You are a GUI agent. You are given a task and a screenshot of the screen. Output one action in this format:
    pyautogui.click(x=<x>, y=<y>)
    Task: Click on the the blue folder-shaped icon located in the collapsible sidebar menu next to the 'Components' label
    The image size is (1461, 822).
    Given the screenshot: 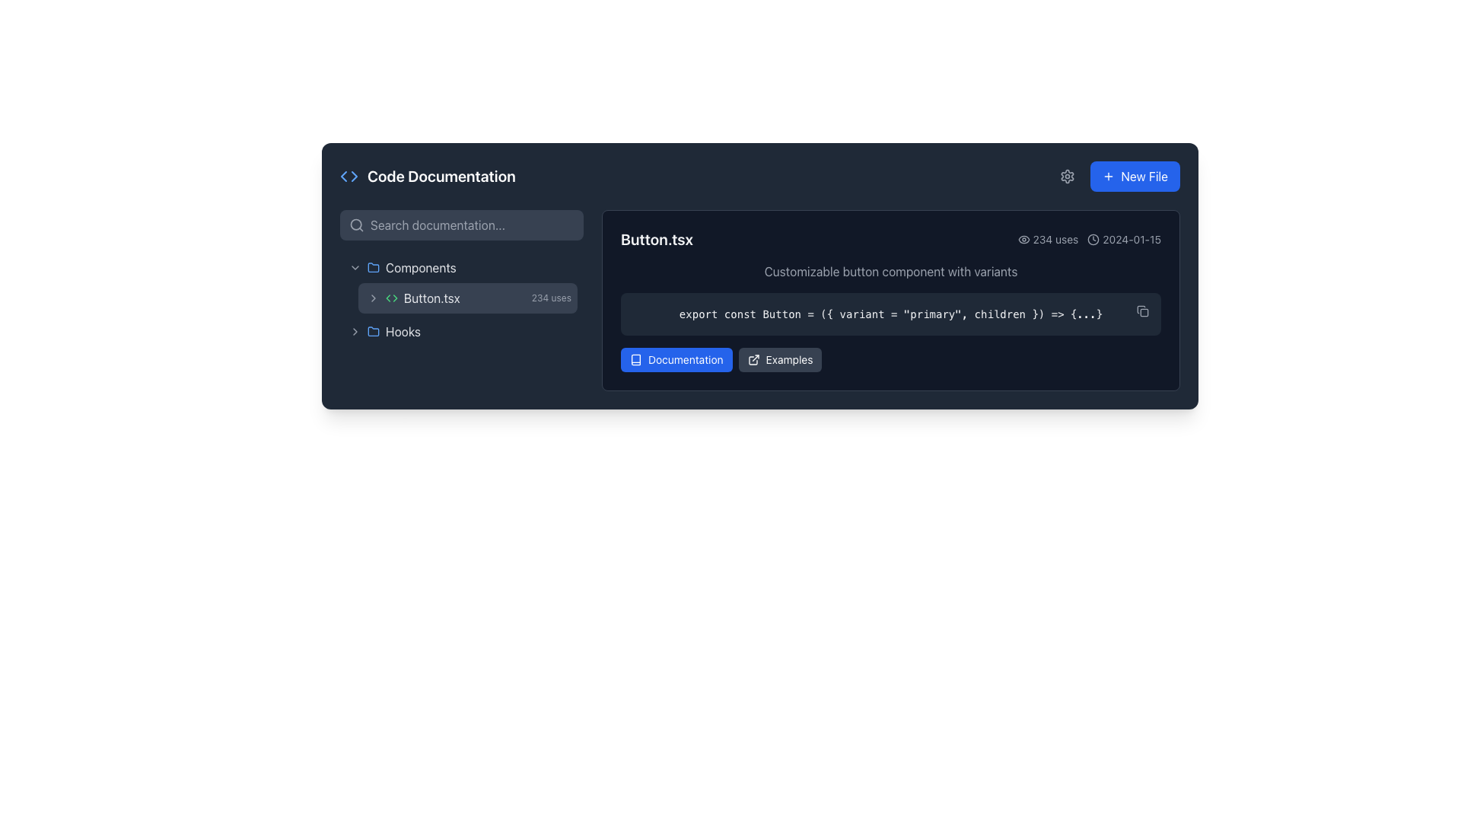 What is the action you would take?
    pyautogui.click(x=373, y=266)
    